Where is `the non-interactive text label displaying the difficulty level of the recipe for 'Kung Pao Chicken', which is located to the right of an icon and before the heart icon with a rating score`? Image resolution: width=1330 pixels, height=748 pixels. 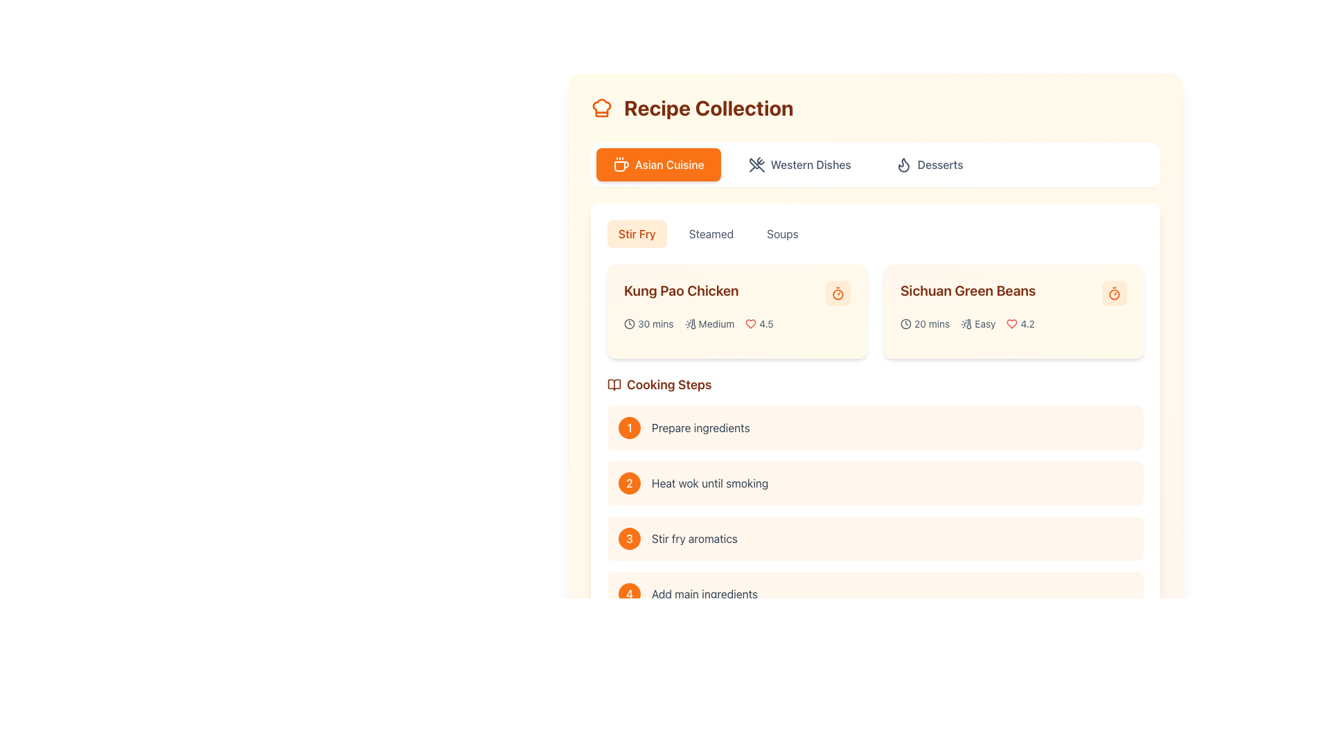
the non-interactive text label displaying the difficulty level of the recipe for 'Kung Pao Chicken', which is located to the right of an icon and before the heart icon with a rating score is located at coordinates (716, 323).